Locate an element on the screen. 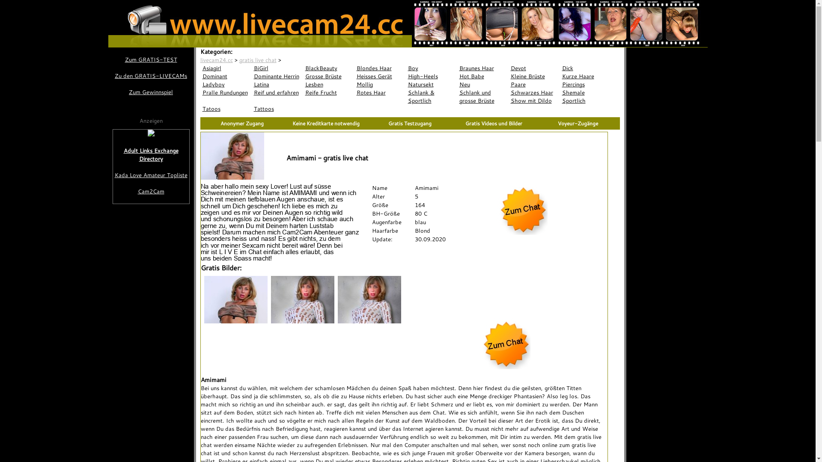 This screenshot has width=822, height=462. 'gratis live chat' is located at coordinates (257, 59).